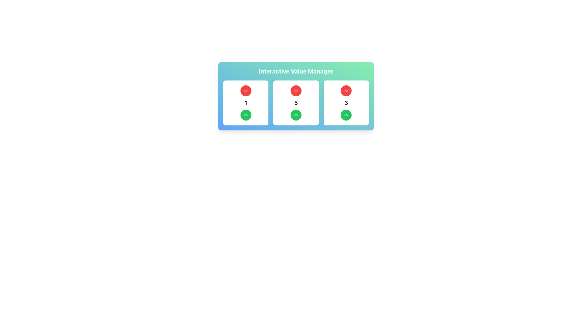  I want to click on the downwards-pointing chevron icon styled with a red background located within a circular button in the top section of the rightmost card, so click(346, 91).